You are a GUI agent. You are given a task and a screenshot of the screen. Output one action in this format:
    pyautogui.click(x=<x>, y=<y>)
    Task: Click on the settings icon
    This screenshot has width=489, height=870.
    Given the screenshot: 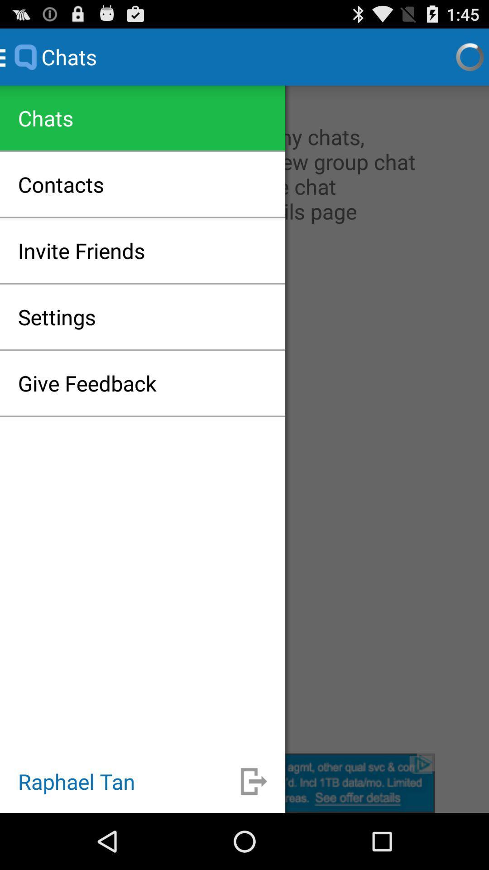 What is the action you would take?
    pyautogui.click(x=57, y=317)
    